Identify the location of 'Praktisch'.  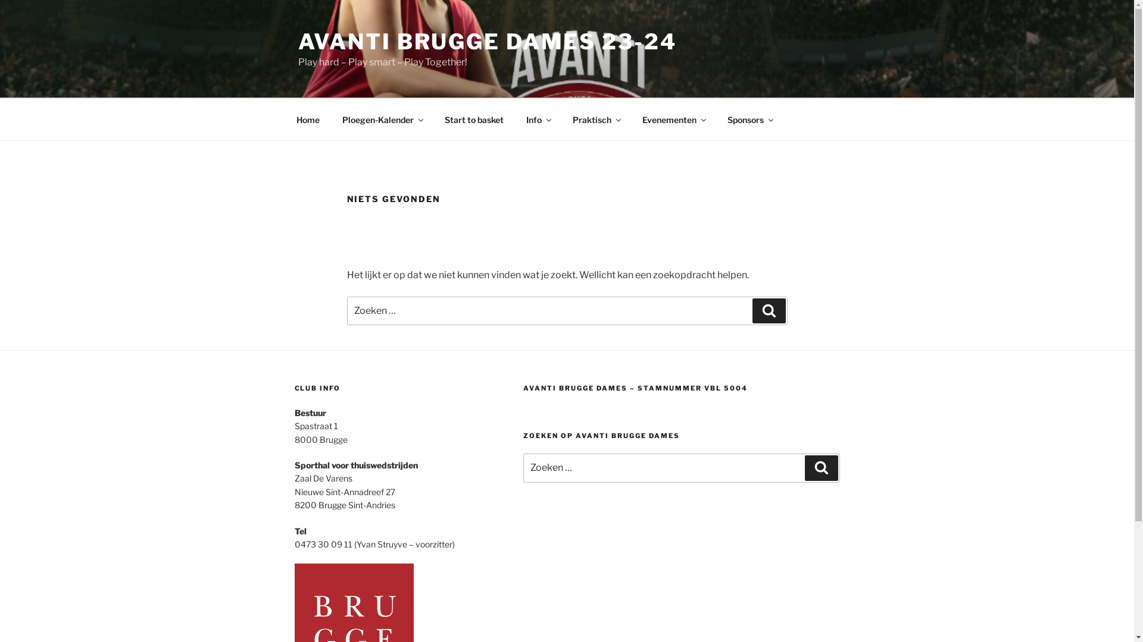
(596, 119).